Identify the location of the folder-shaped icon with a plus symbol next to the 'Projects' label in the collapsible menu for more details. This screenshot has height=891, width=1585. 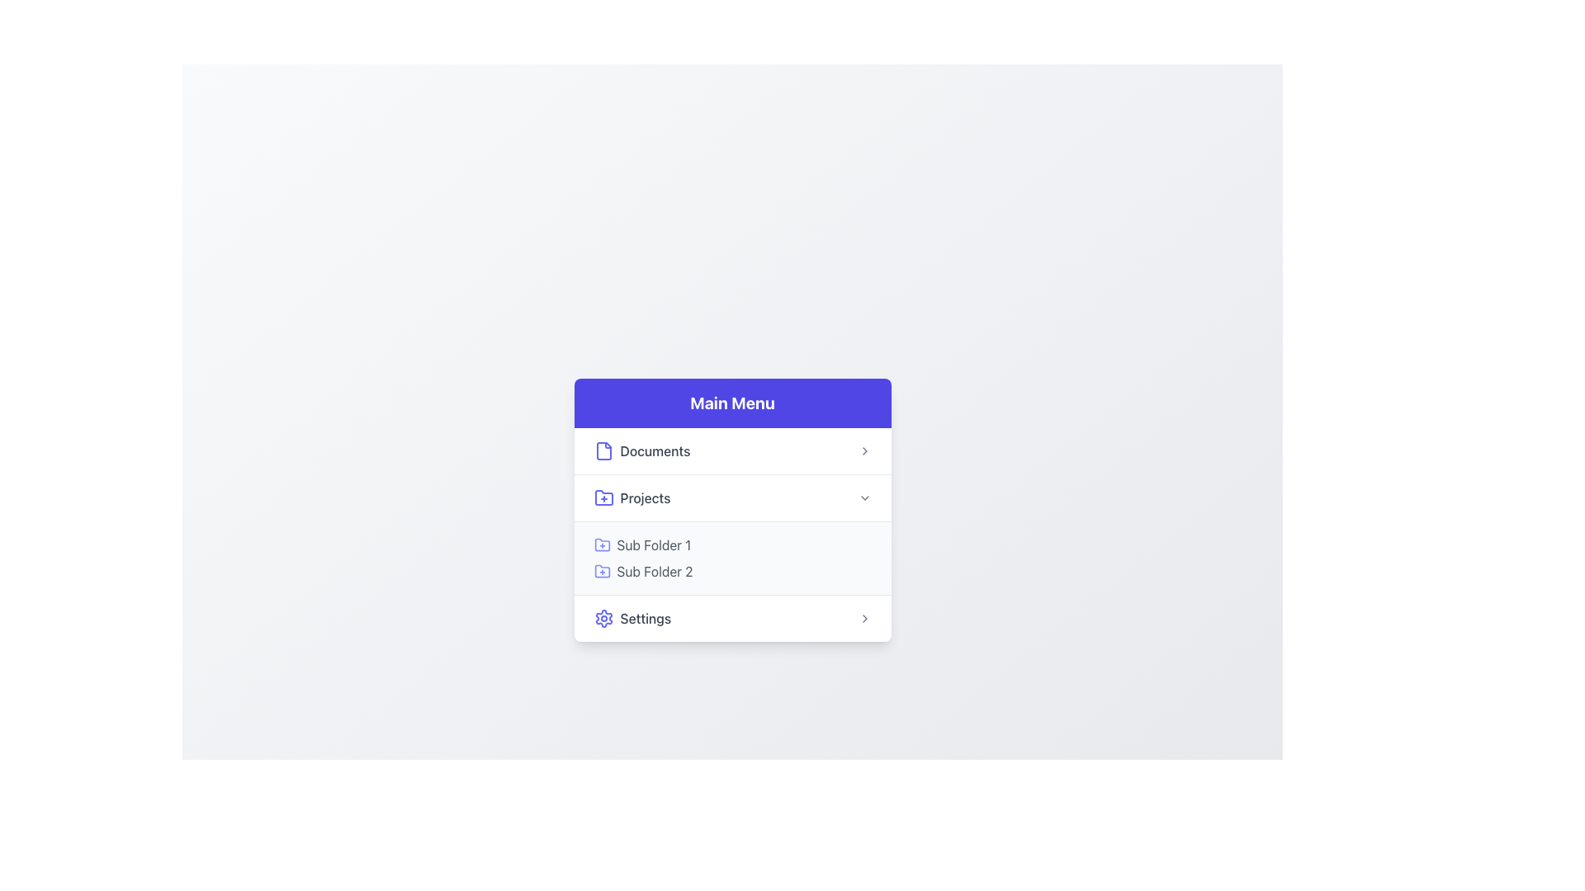
(603, 496).